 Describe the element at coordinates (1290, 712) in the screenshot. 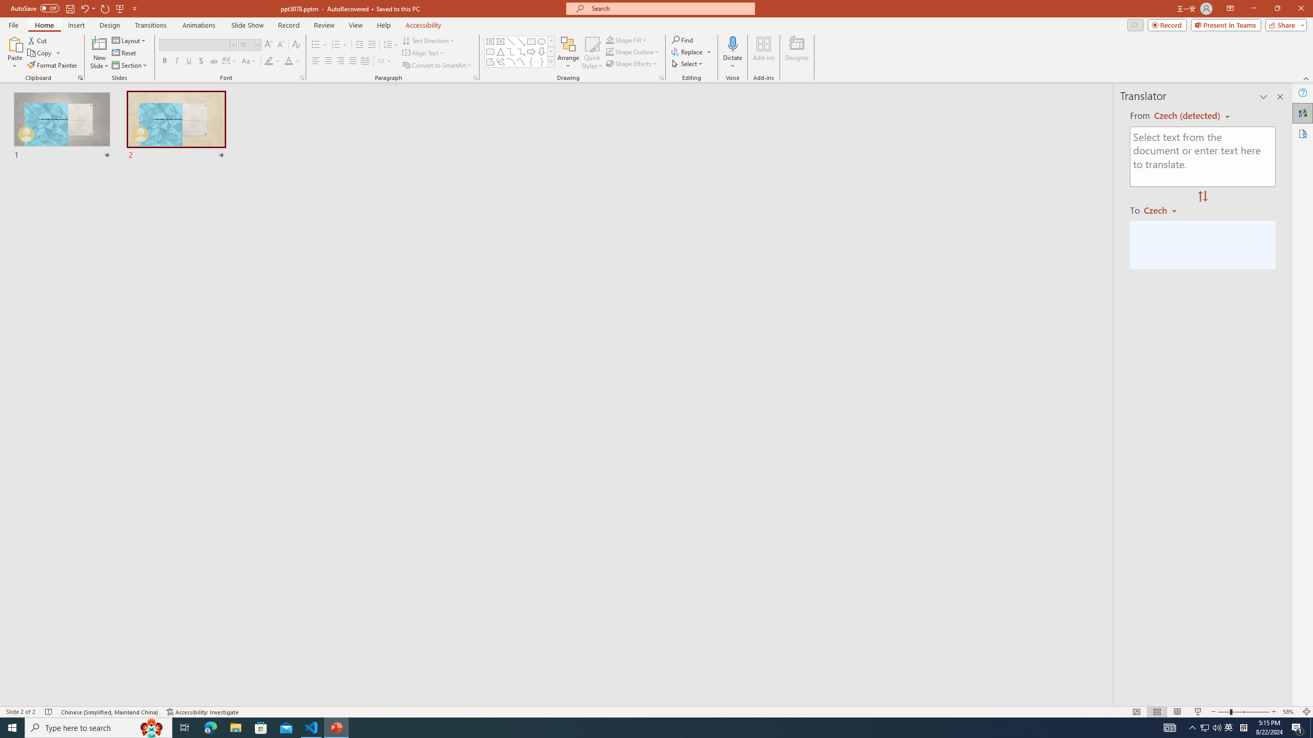

I see `'Zoom 58%'` at that location.